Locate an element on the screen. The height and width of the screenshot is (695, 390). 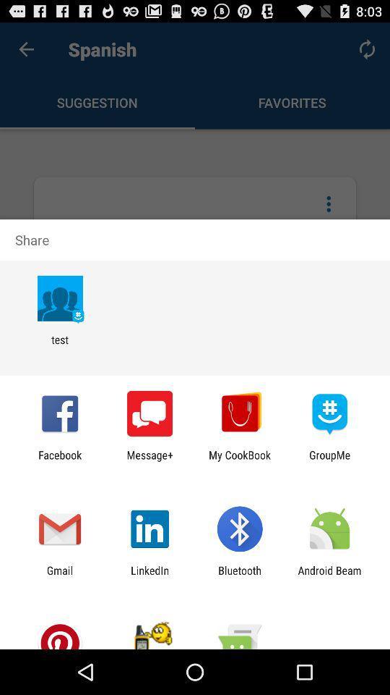
the icon to the right of gmail item is located at coordinates (149, 576).